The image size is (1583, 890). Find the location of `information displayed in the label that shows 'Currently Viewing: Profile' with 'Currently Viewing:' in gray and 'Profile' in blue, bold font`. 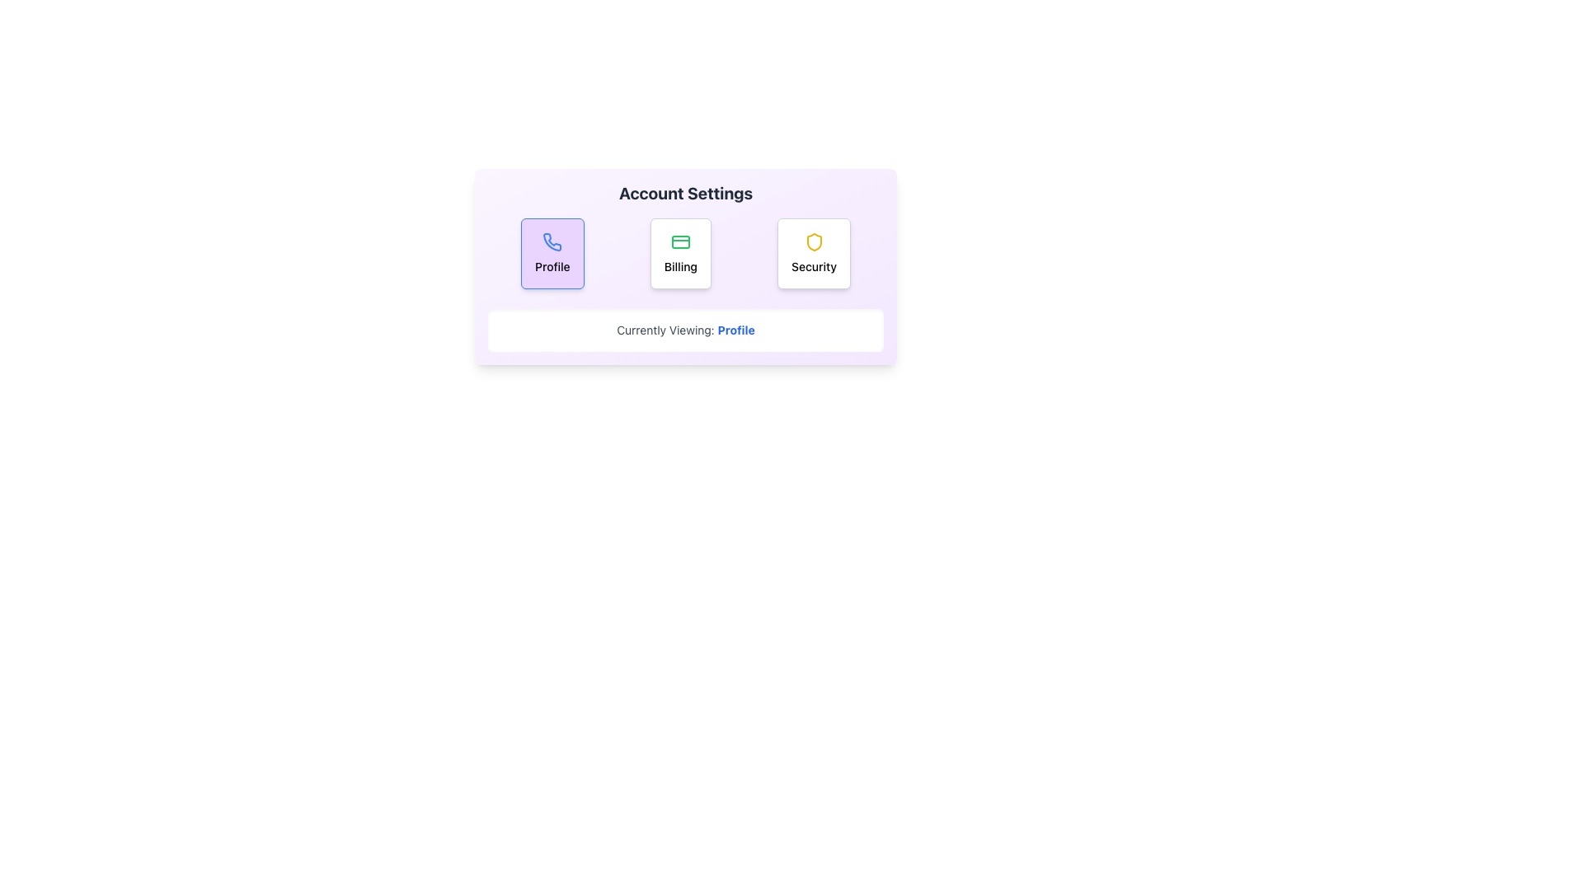

information displayed in the label that shows 'Currently Viewing: Profile' with 'Currently Viewing:' in gray and 'Profile' in blue, bold font is located at coordinates (685, 330).